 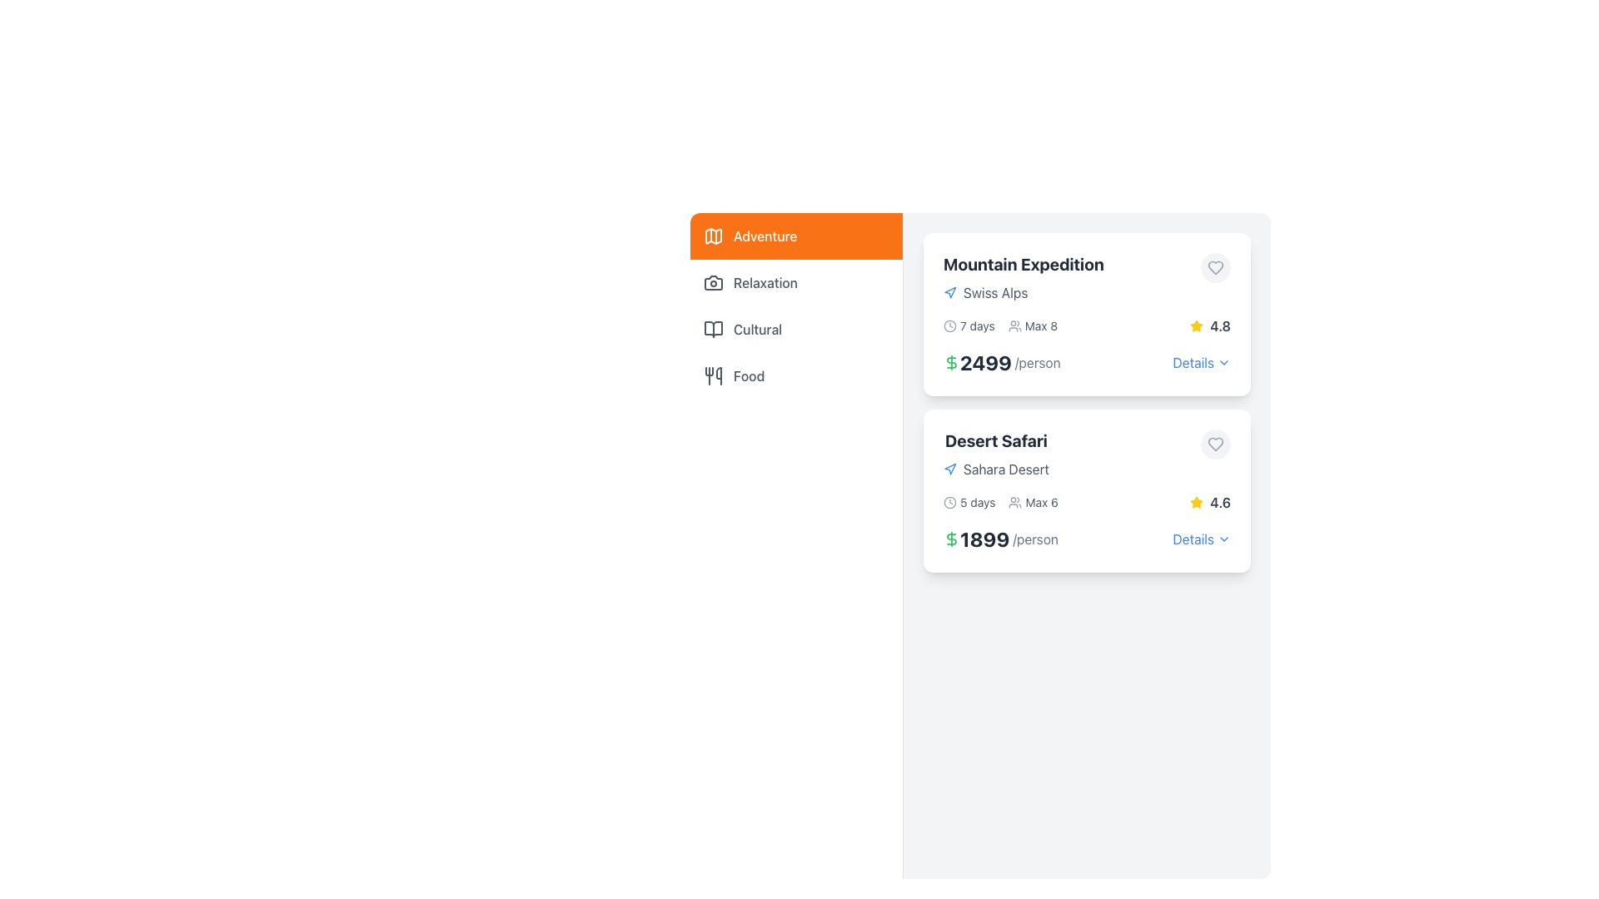 What do you see at coordinates (986, 361) in the screenshot?
I see `the Text Label displaying '2499', which is bold and large, positioned next to a green dollar sign and followed by '/person'` at bounding box center [986, 361].